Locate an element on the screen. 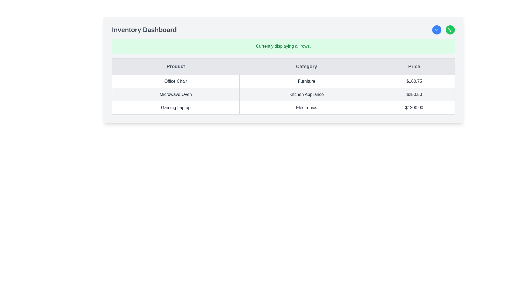 This screenshot has width=518, height=291. the Text label in the second row of the table that specifies the product category, located under the 'Category' column, between 'Microwave Oven' and '$250.50' is located at coordinates (306, 94).